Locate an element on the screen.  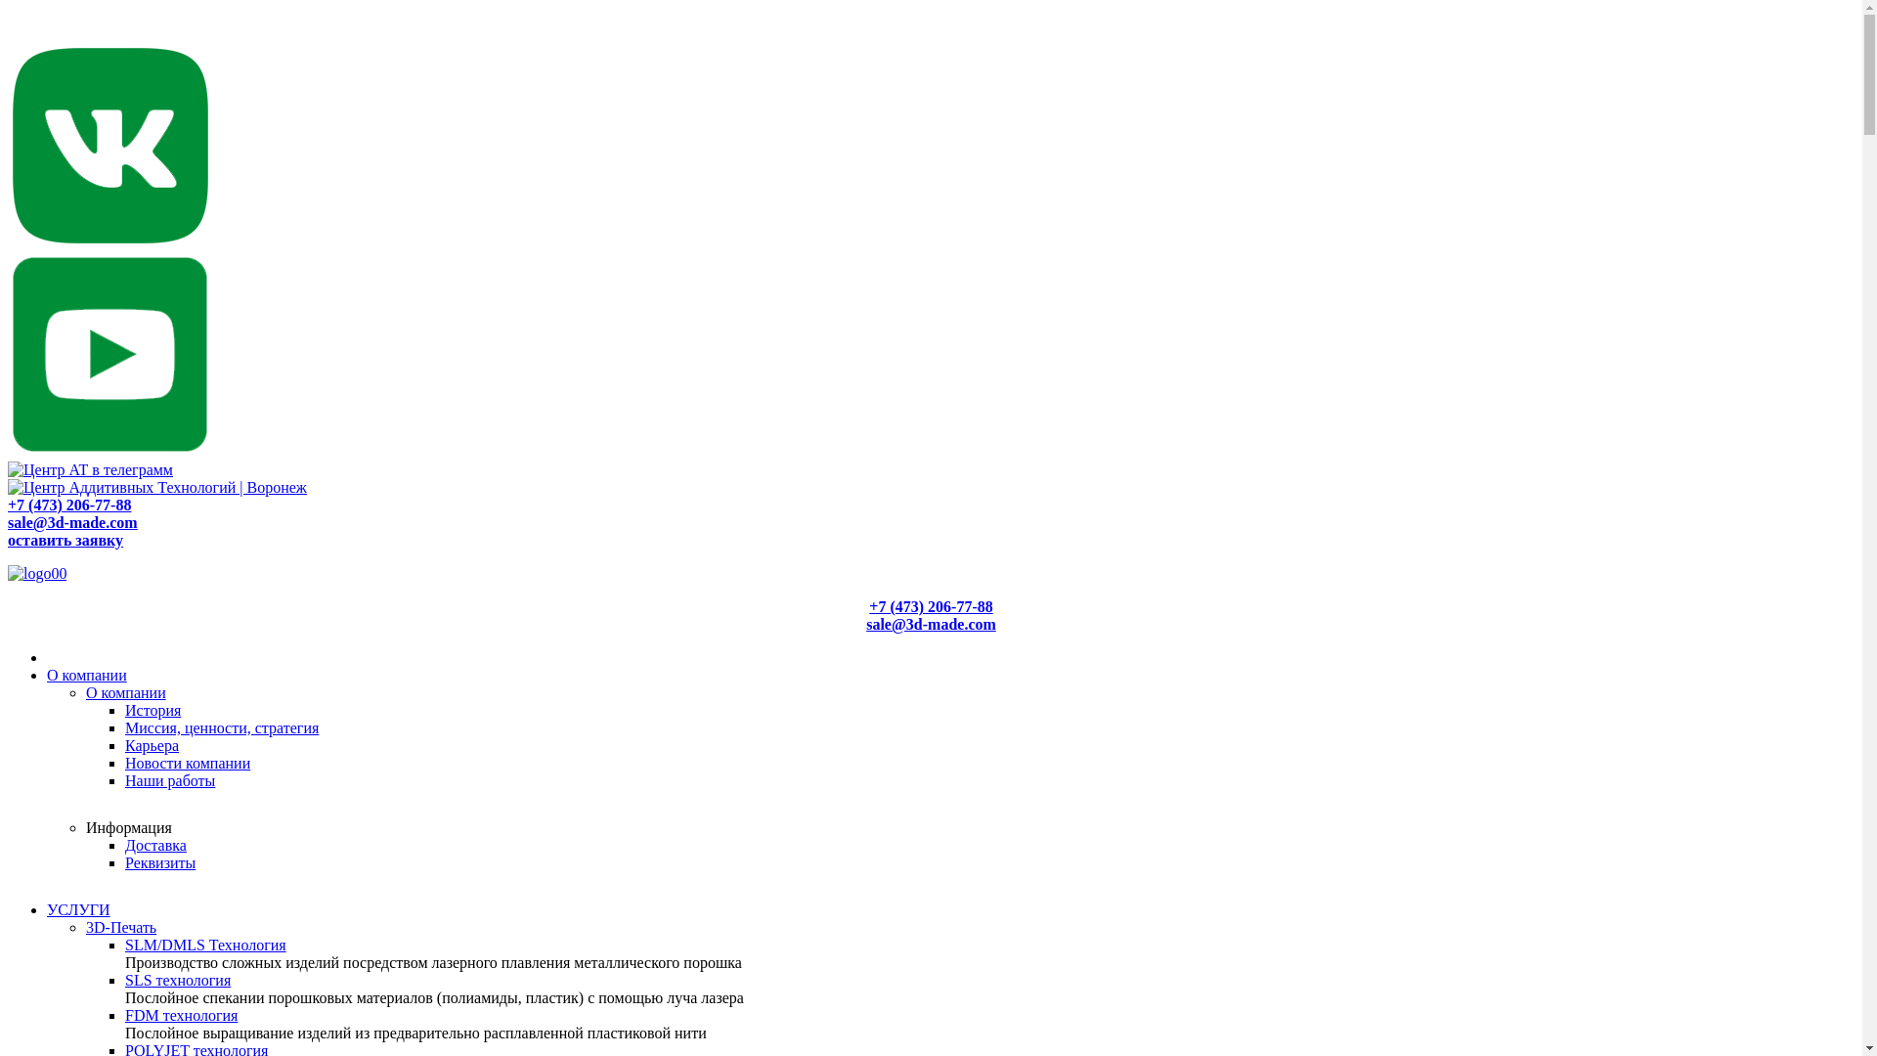
'sale@3d-made.com' is located at coordinates (8, 521).